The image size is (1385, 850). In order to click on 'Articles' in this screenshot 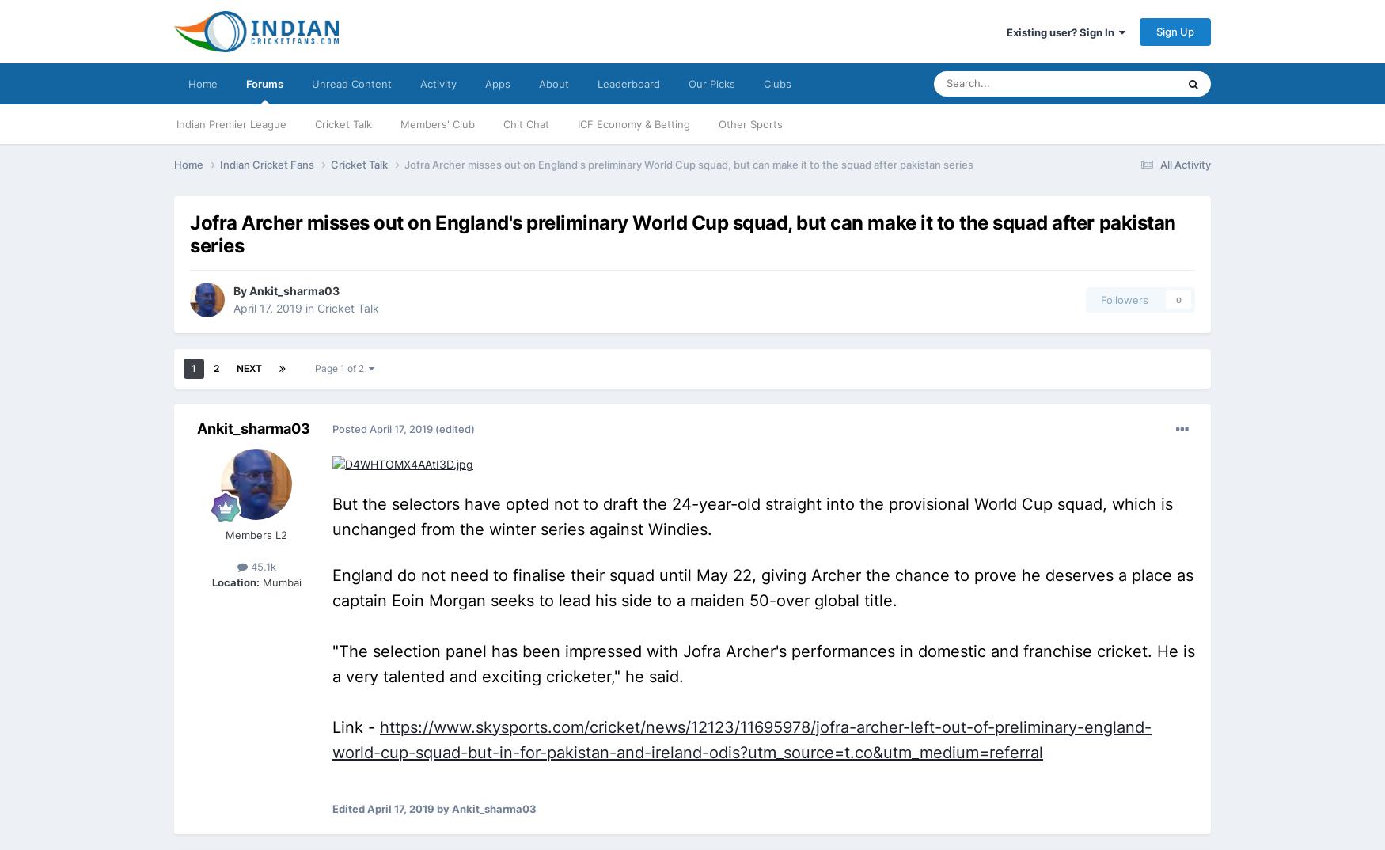, I will do `click(1073, 271)`.